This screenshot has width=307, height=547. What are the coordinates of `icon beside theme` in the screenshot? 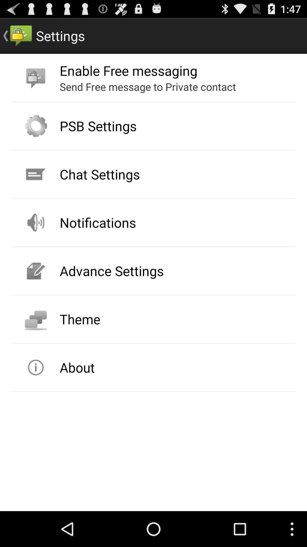 It's located at (36, 319).